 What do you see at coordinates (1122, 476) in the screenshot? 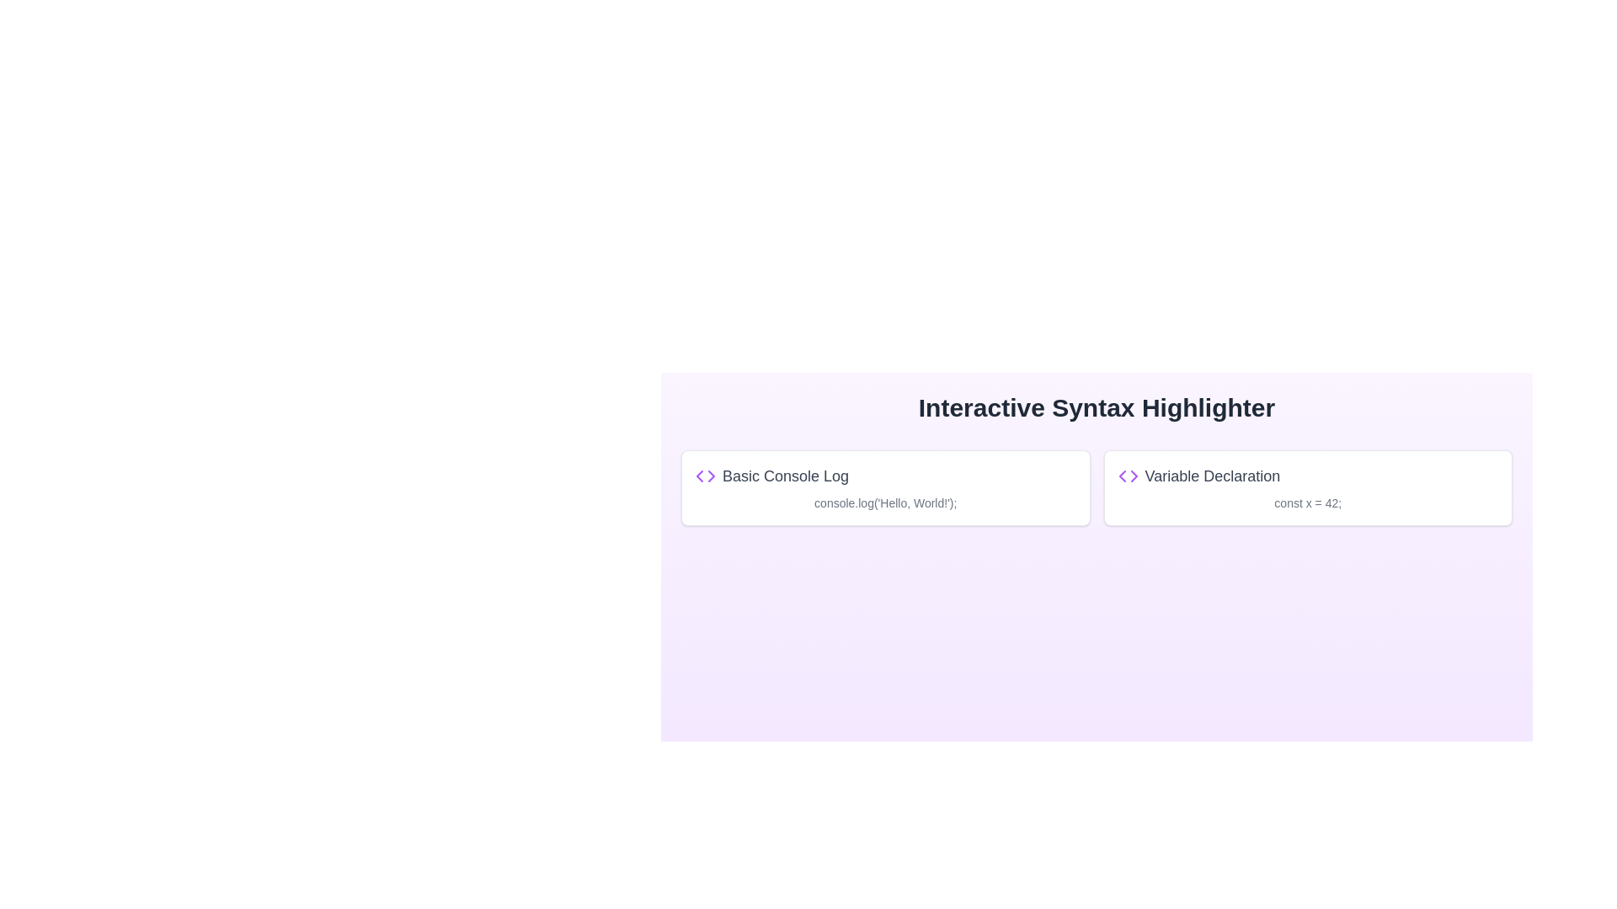
I see `the left-pointing triangle icon located in the interactive syntax highlighter section under the header 'Interactive Syntax Highlighter', specifically within the left box labeled 'Basic Console Log'` at bounding box center [1122, 476].